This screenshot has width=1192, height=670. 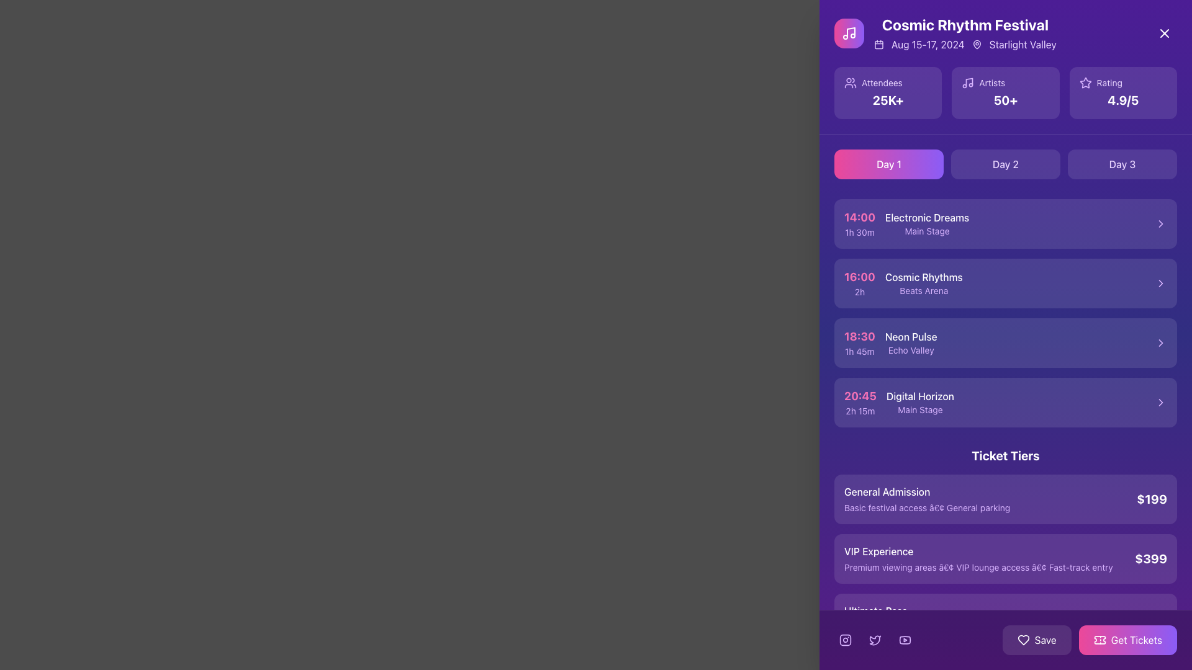 What do you see at coordinates (875, 640) in the screenshot?
I see `the second circular button from the left in the row of three social media buttons at the bottom center of the interface` at bounding box center [875, 640].